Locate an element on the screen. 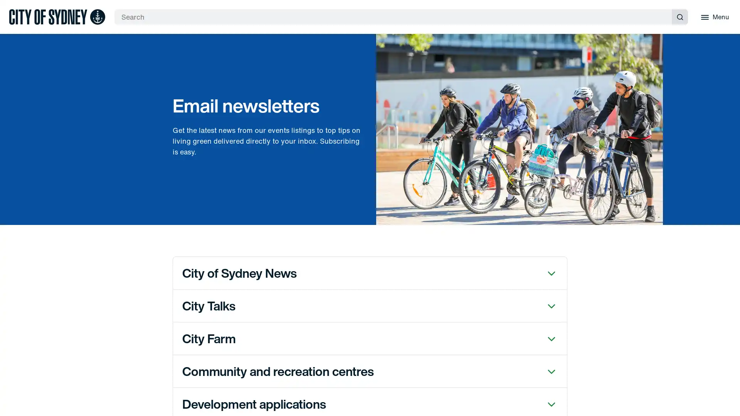  City Farm is located at coordinates (370, 338).